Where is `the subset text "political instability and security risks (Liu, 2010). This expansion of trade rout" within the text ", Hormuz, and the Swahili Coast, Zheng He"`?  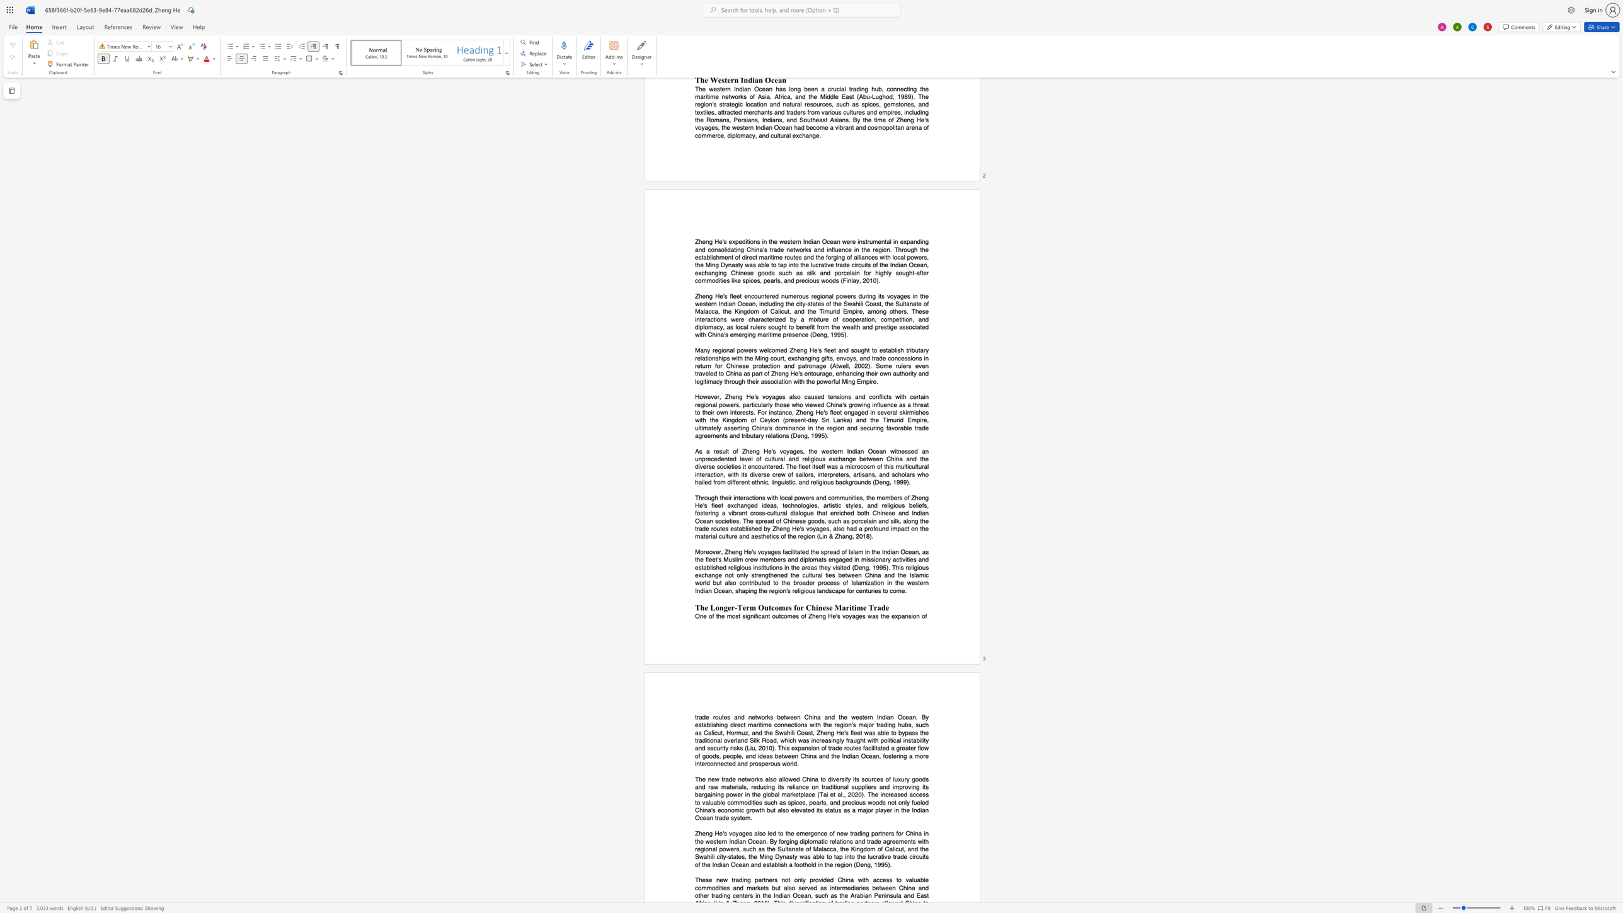
the subset text "political instability and security risks (Liu, 2010). This expansion of trade rout" within the text ", Hormuz, and the Swahili Coast, Zheng He" is located at coordinates (880, 740).